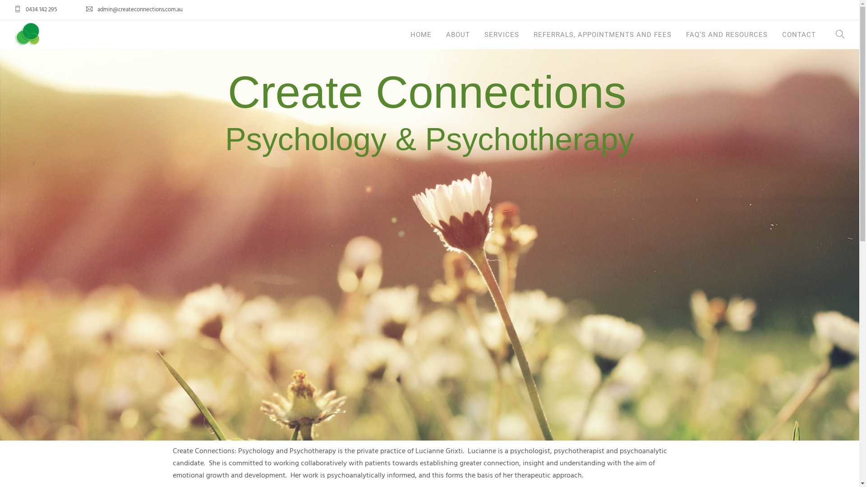 The image size is (866, 487). Describe the element at coordinates (458, 34) in the screenshot. I see `'ABOUT'` at that location.